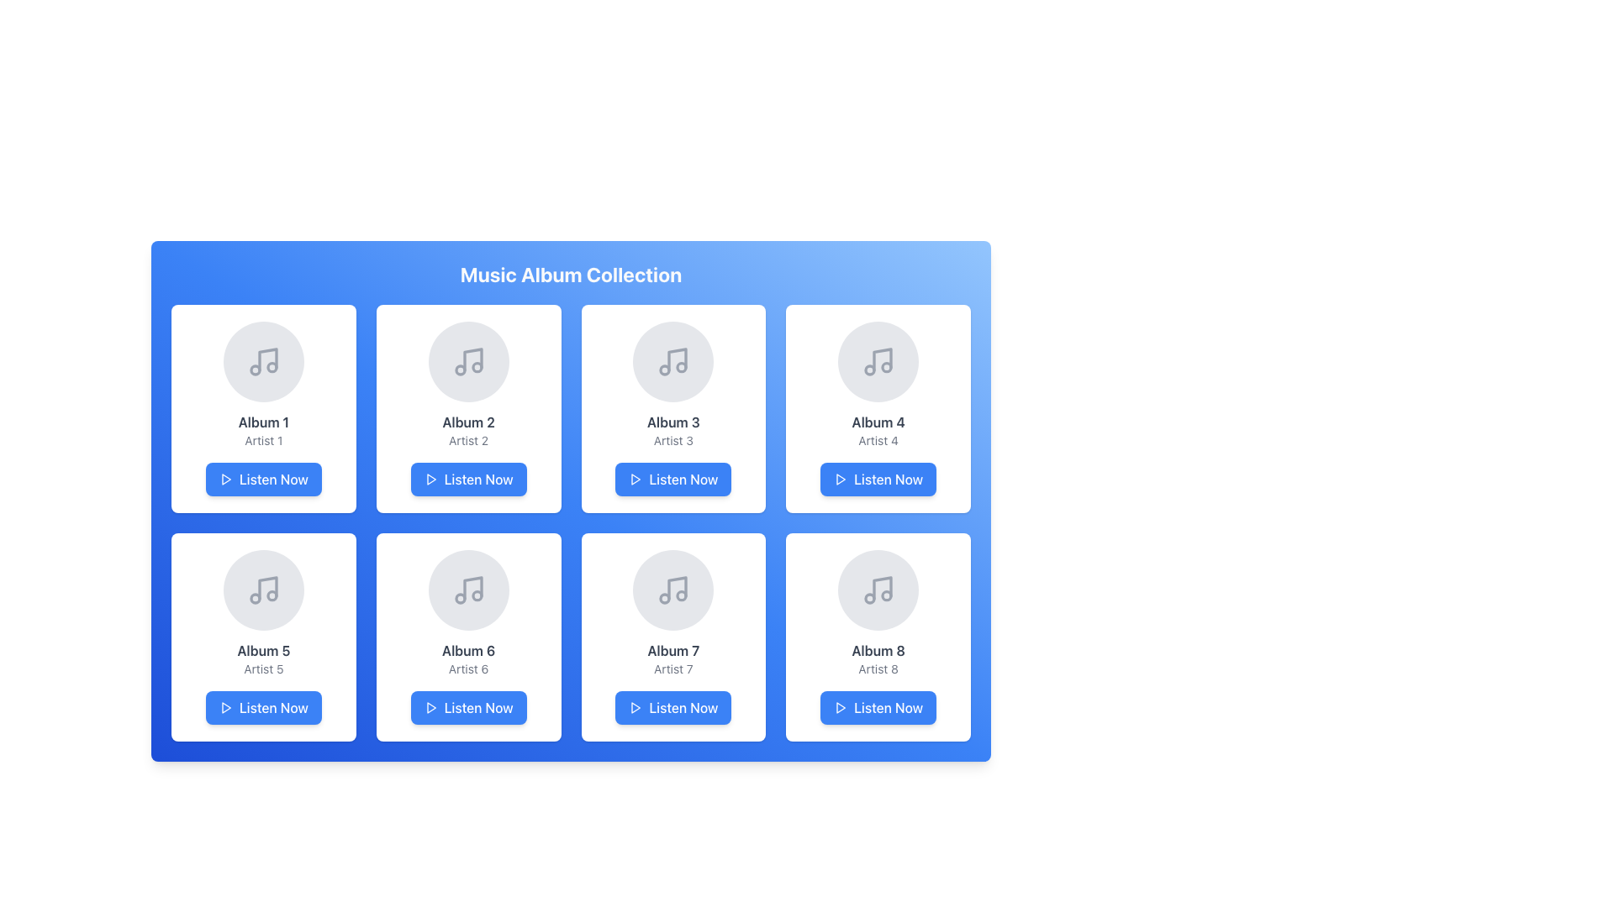 The height and width of the screenshot is (907, 1614). What do you see at coordinates (468, 589) in the screenshot?
I see `the circular button with a musical note icon located in the center of the album card for 'Album 6' by 'Artist 6'` at bounding box center [468, 589].